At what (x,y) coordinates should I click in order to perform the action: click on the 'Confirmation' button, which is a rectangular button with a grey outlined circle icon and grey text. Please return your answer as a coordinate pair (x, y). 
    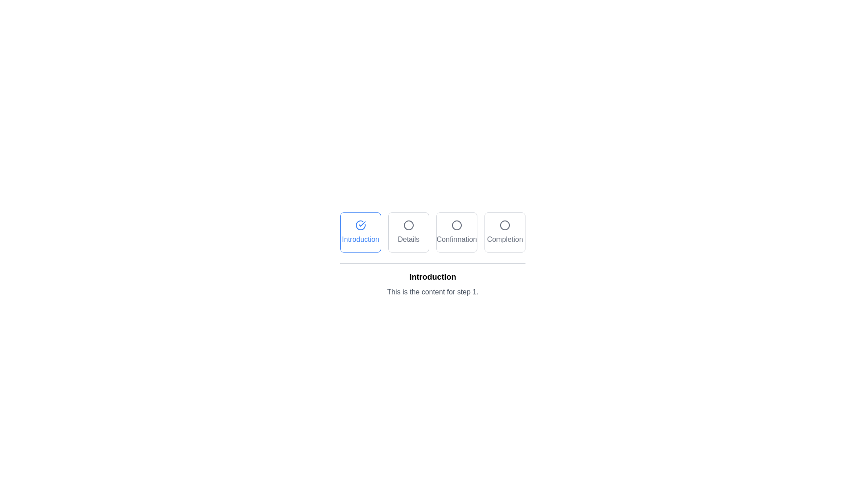
    Looking at the image, I should click on (456, 232).